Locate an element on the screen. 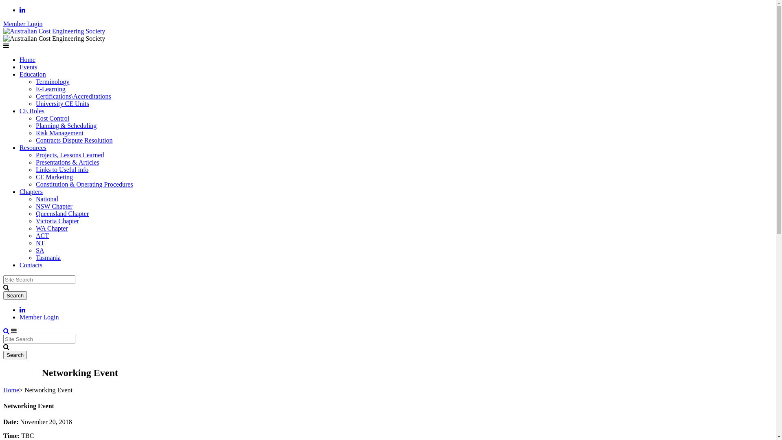 Image resolution: width=782 pixels, height=440 pixels. 'Planning & Scheduling' is located at coordinates (66, 125).